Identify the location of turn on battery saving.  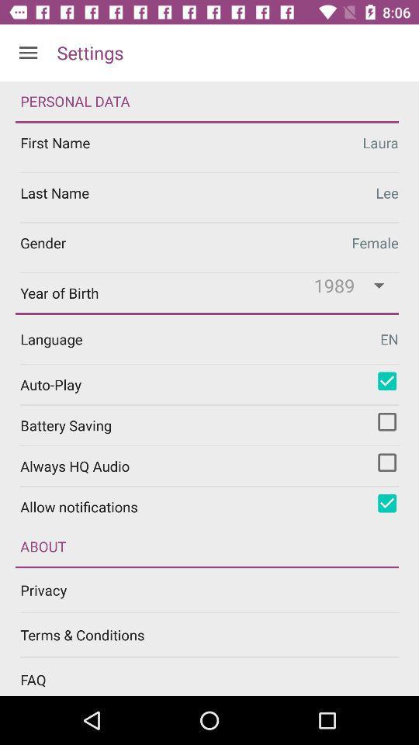
(386, 421).